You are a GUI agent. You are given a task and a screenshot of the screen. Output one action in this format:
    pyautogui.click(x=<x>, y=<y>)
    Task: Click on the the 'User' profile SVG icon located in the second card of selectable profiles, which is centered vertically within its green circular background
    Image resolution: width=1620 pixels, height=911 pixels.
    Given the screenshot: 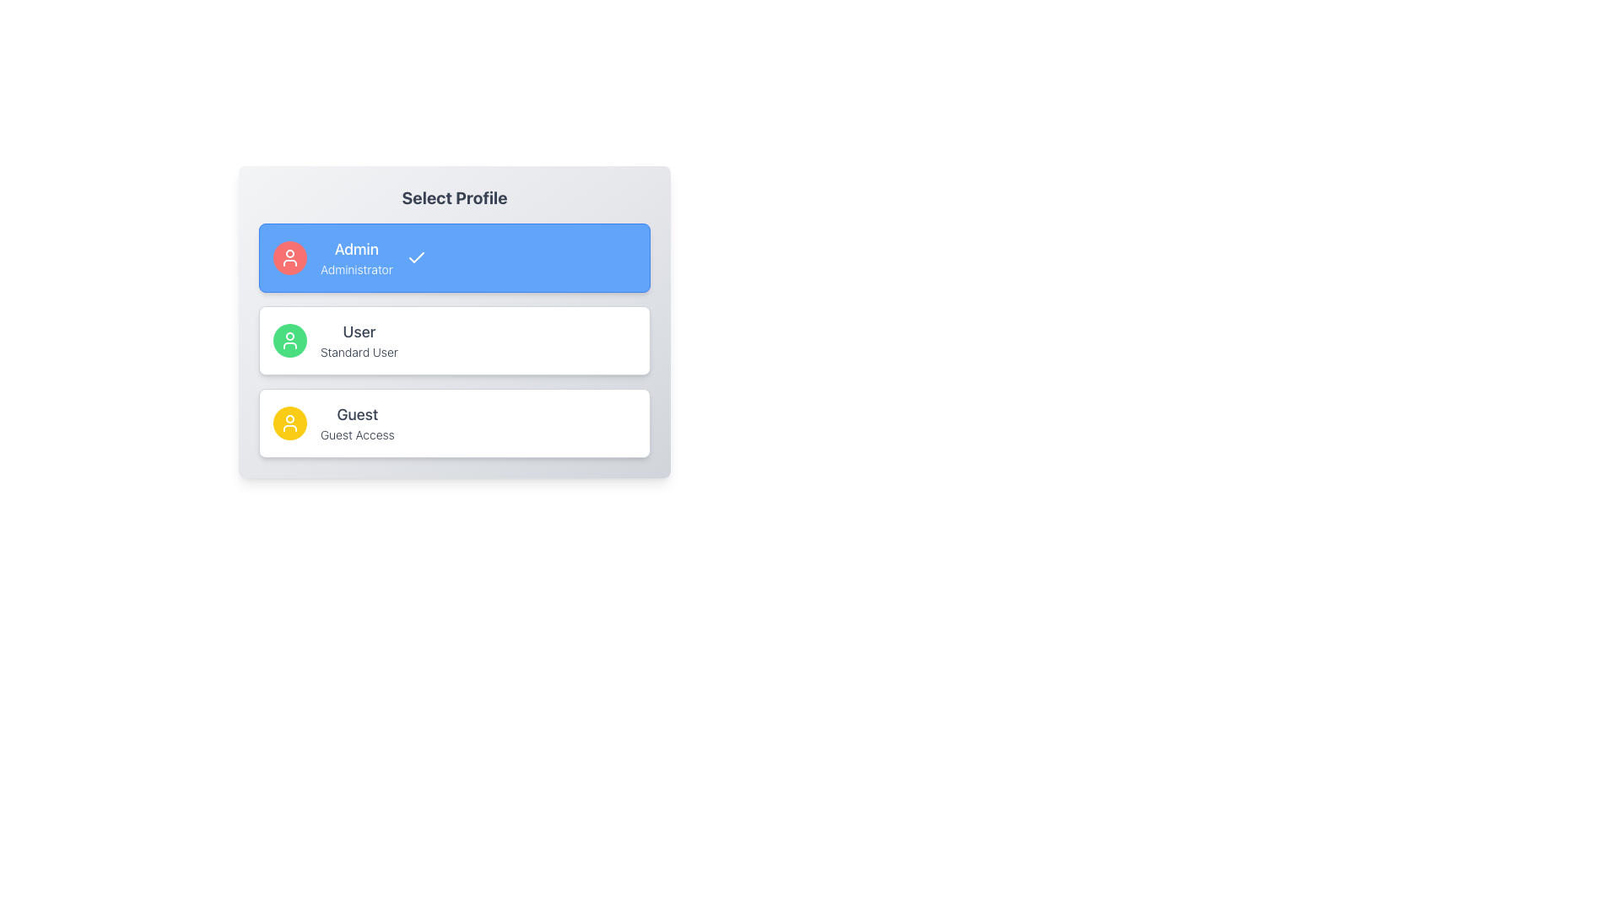 What is the action you would take?
    pyautogui.click(x=290, y=341)
    